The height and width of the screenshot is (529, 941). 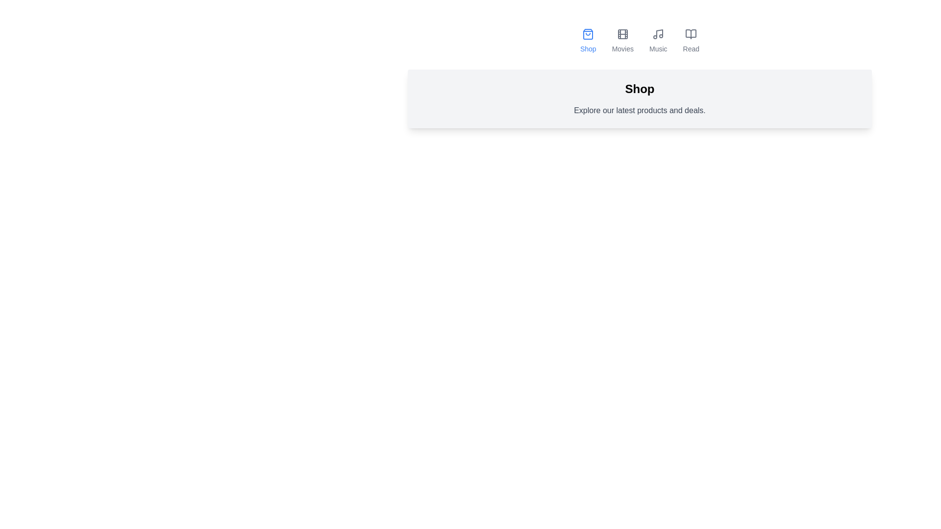 What do you see at coordinates (691, 41) in the screenshot?
I see `the tab labeled Read` at bounding box center [691, 41].